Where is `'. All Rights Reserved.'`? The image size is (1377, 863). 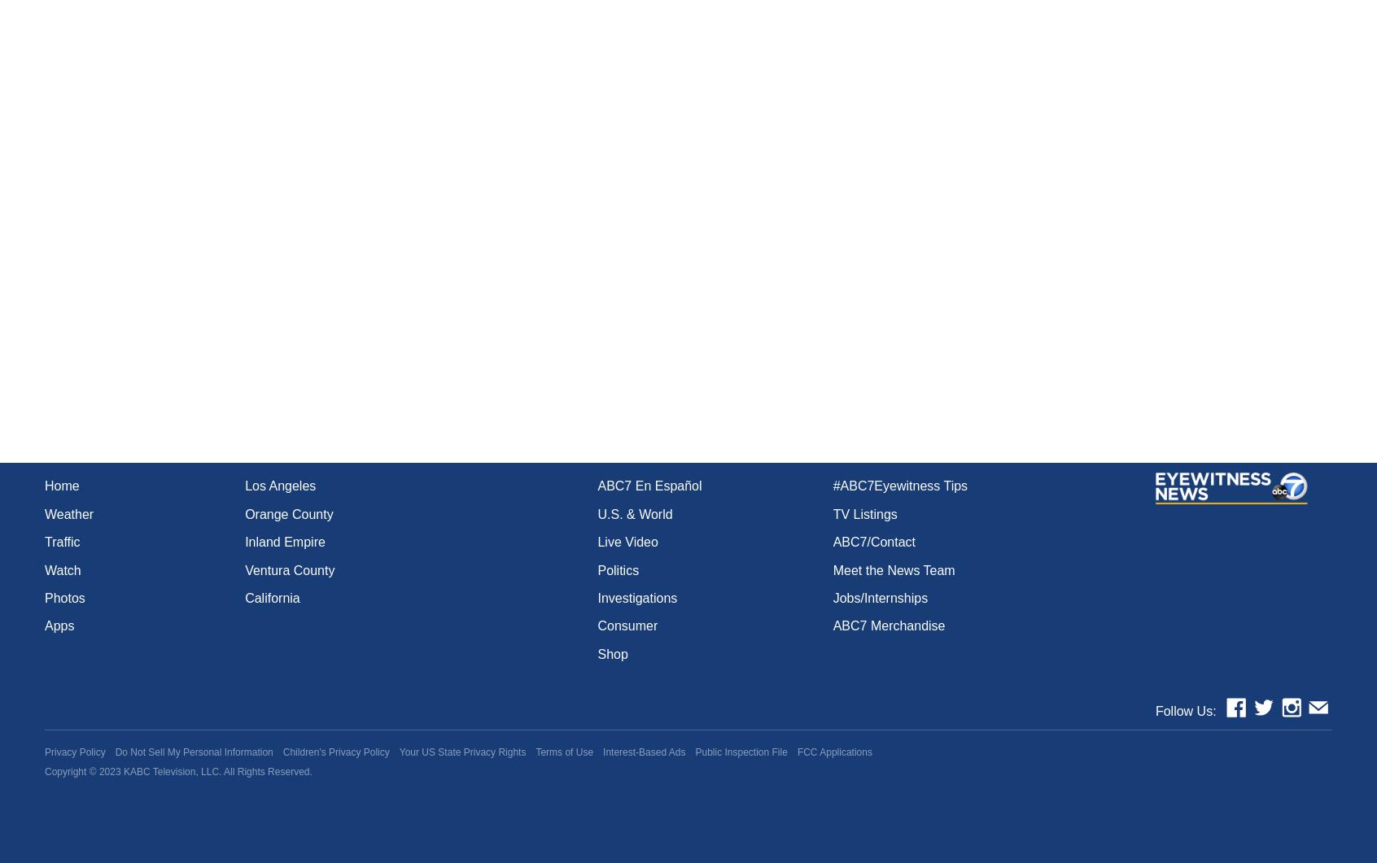 '. All Rights Reserved.' is located at coordinates (264, 770).